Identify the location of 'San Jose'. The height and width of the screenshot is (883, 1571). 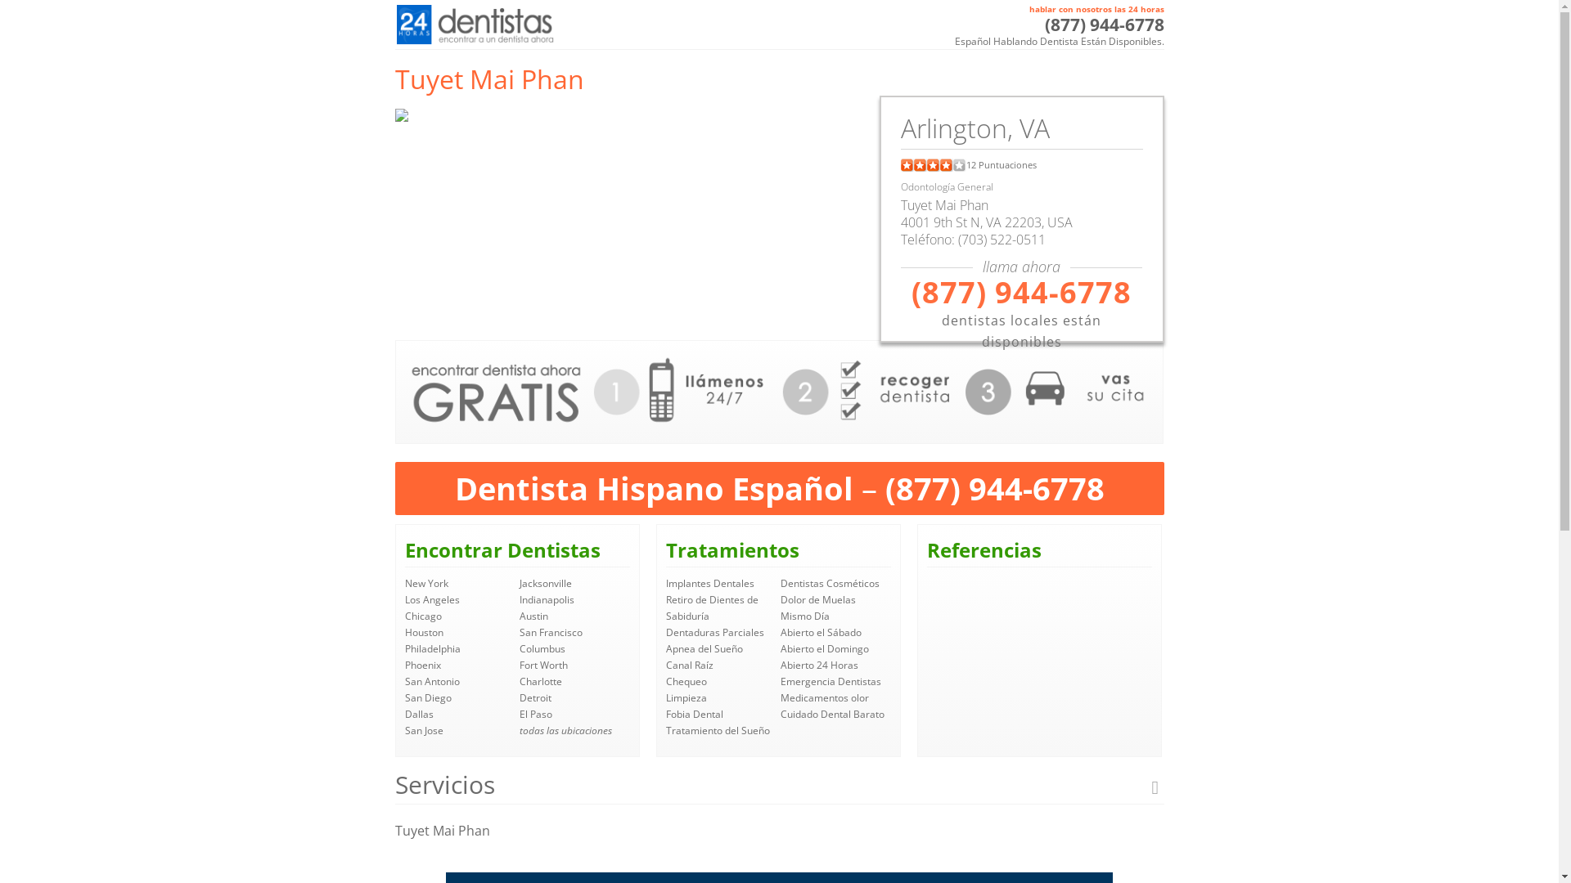
(423, 729).